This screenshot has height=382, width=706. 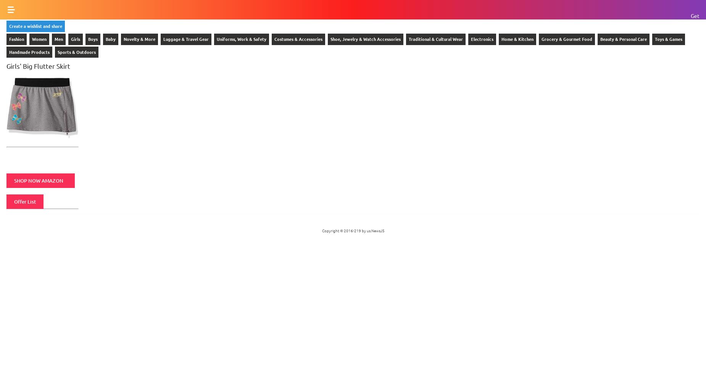 I want to click on 'Fashion', so click(x=16, y=38).